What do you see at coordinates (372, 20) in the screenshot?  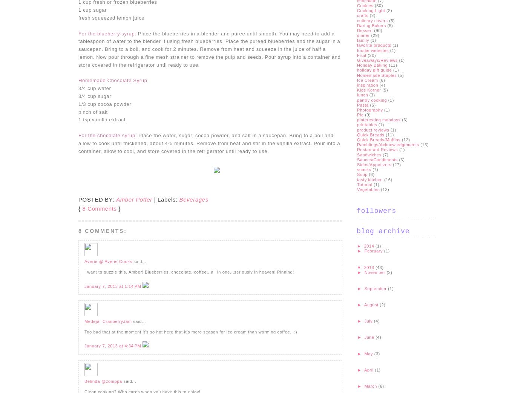 I see `'culinary covers'` at bounding box center [372, 20].